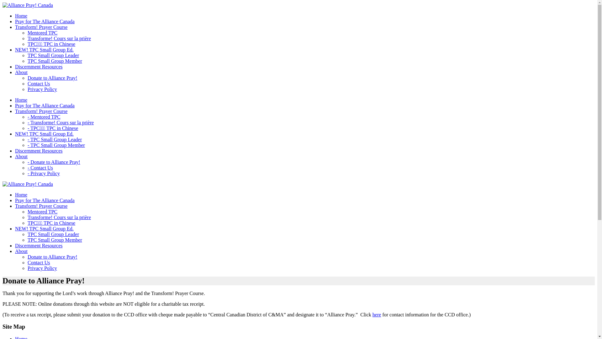 Image resolution: width=602 pixels, height=339 pixels. Describe the element at coordinates (42, 33) in the screenshot. I see `'Mentored TPC'` at that location.